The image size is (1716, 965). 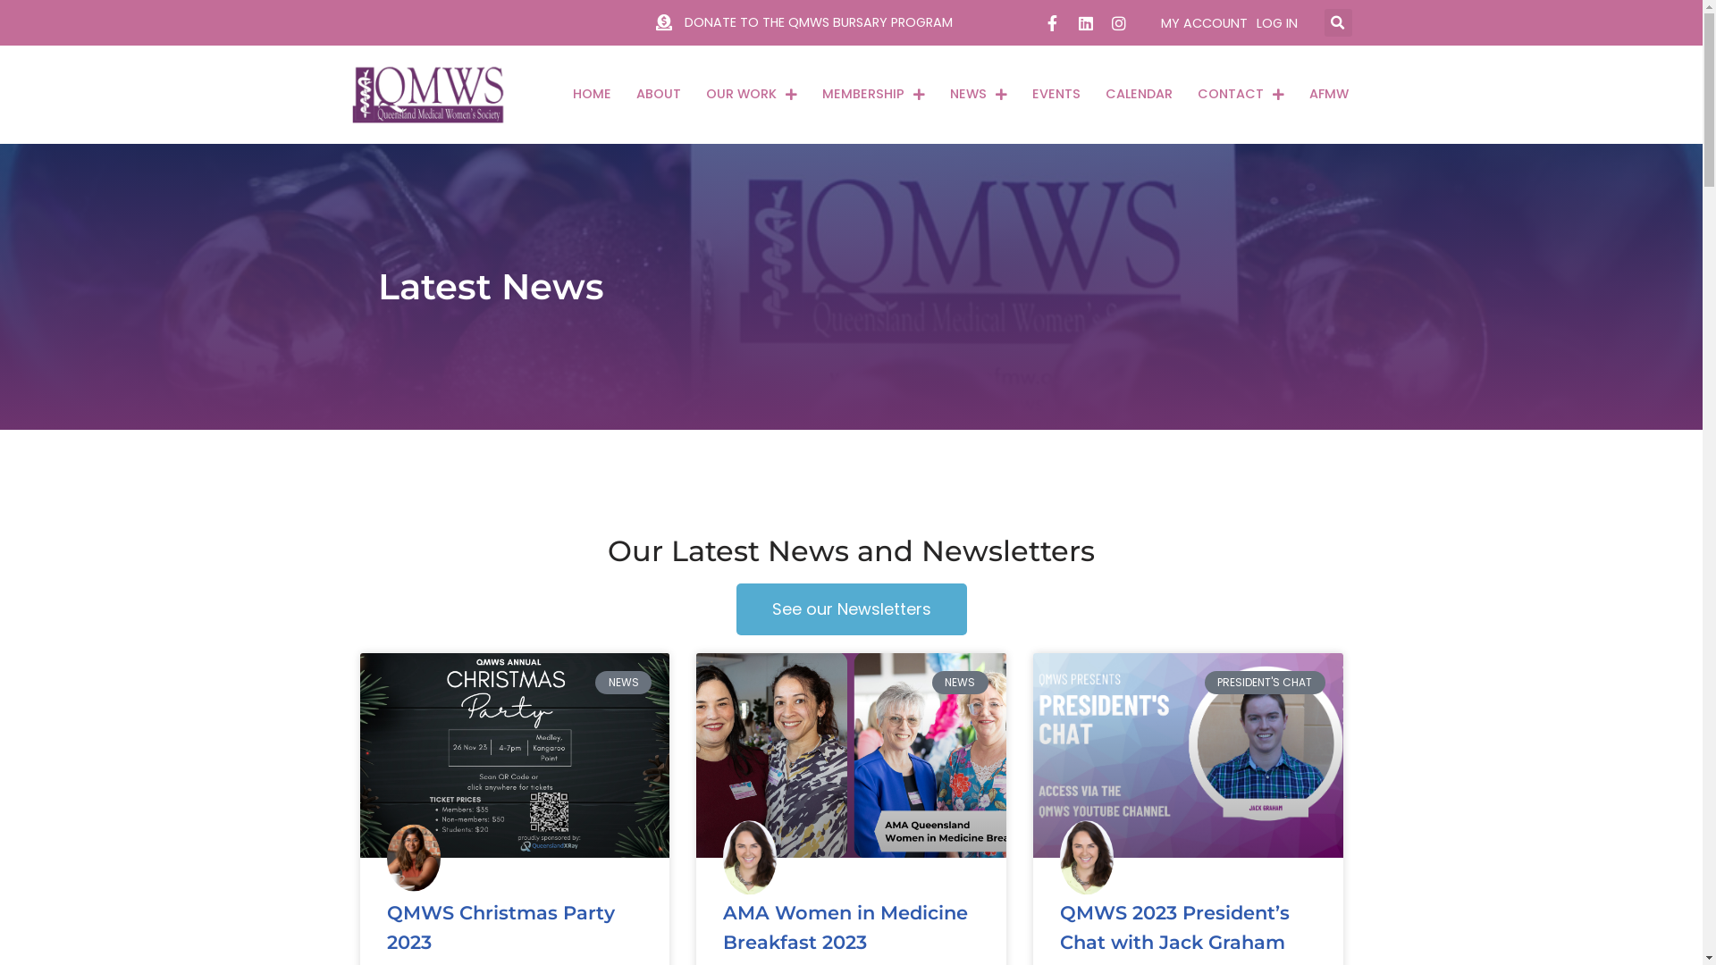 What do you see at coordinates (1329, 94) in the screenshot?
I see `'AFMW'` at bounding box center [1329, 94].